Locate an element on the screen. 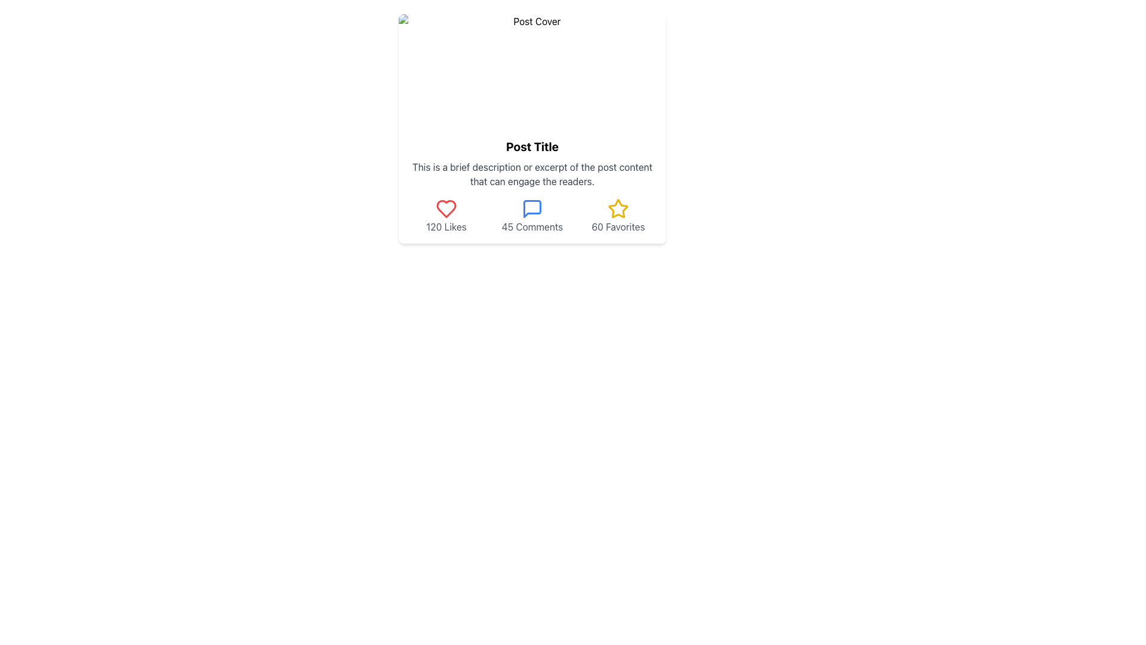  the speech bubble-shaped icon with a blue color scheme, located in the middle of the row of icons below the post title and description, to trigger a tooltip or animation is located at coordinates (532, 208).